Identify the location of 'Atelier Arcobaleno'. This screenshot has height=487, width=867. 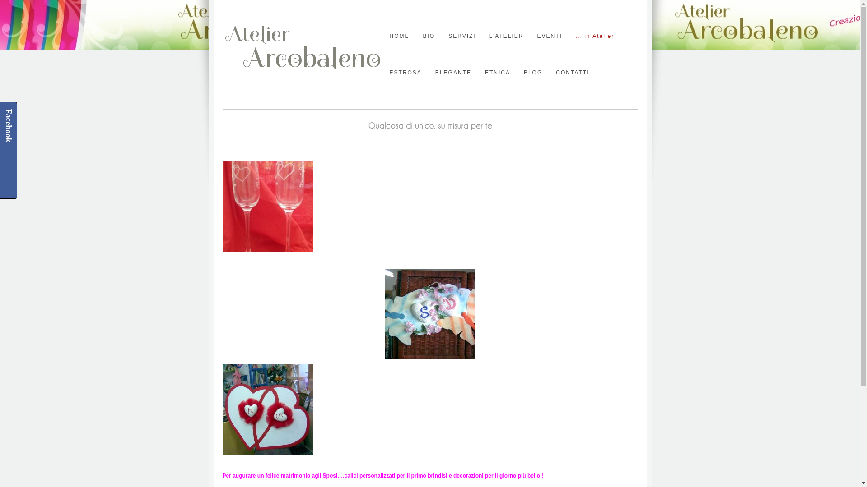
(222, 73).